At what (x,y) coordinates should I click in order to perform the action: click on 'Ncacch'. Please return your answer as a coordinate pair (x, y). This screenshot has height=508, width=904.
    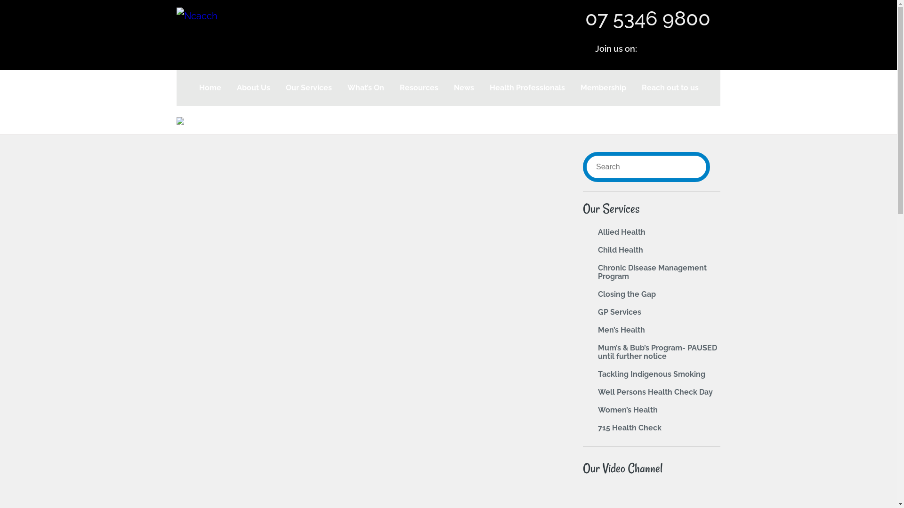
    Looking at the image, I should click on (196, 16).